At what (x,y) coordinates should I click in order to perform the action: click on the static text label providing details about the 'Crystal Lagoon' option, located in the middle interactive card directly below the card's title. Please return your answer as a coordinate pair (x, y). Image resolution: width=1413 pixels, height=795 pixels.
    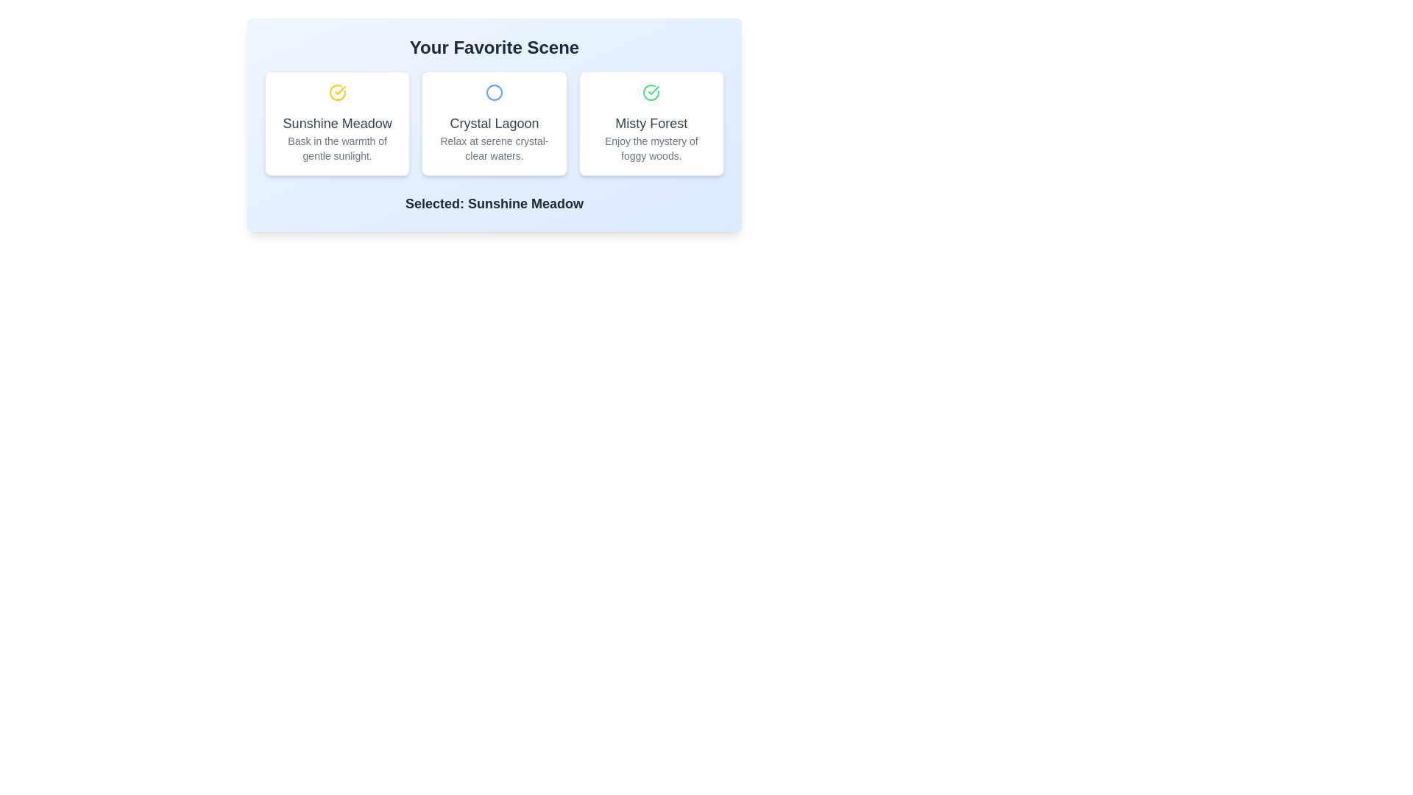
    Looking at the image, I should click on (495, 148).